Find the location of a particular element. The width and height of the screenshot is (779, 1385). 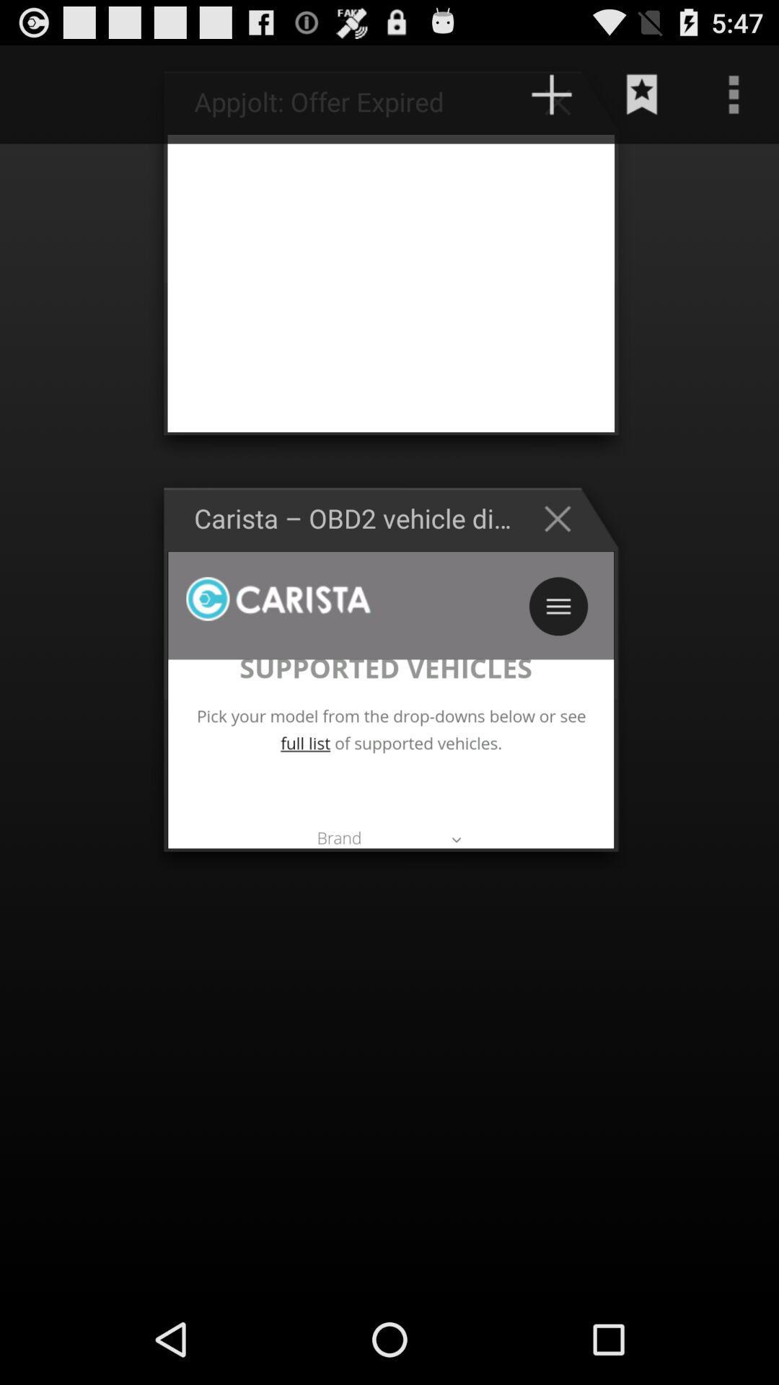

the add icon is located at coordinates (551, 100).